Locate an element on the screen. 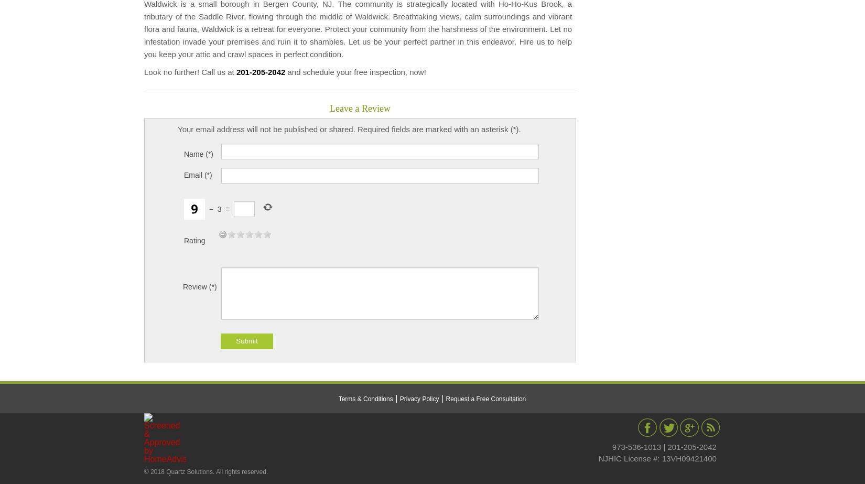  'NJHIC License #:' is located at coordinates (598, 457).